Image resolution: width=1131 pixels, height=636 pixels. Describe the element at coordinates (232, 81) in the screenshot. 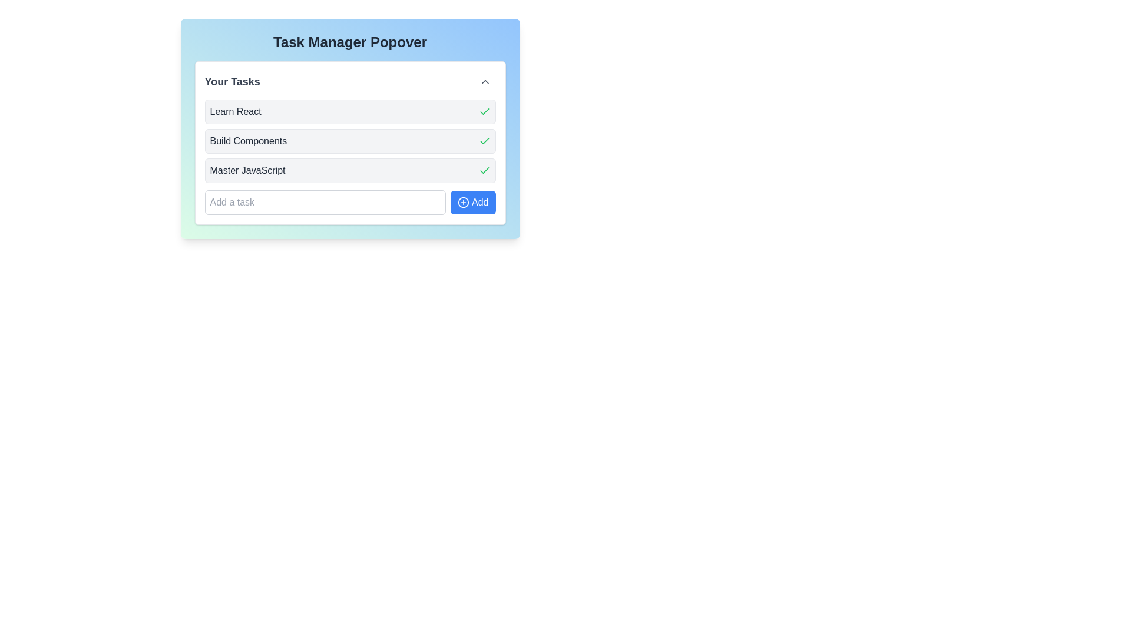

I see `the descriptive heading text label in the Task Manager Popover, which is positioned in the top-left corner of the white content area` at that location.